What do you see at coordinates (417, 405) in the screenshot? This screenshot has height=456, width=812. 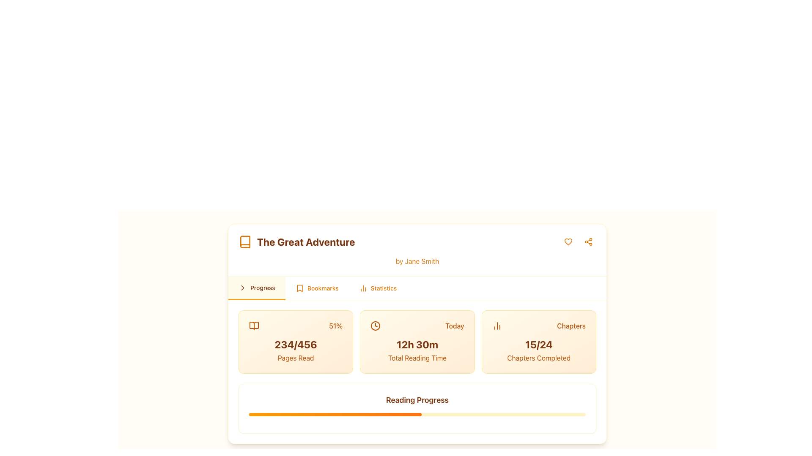 I see `the progress bar or its title to interact with the reading progress indicator, which visually represents the user's current reading status` at bounding box center [417, 405].